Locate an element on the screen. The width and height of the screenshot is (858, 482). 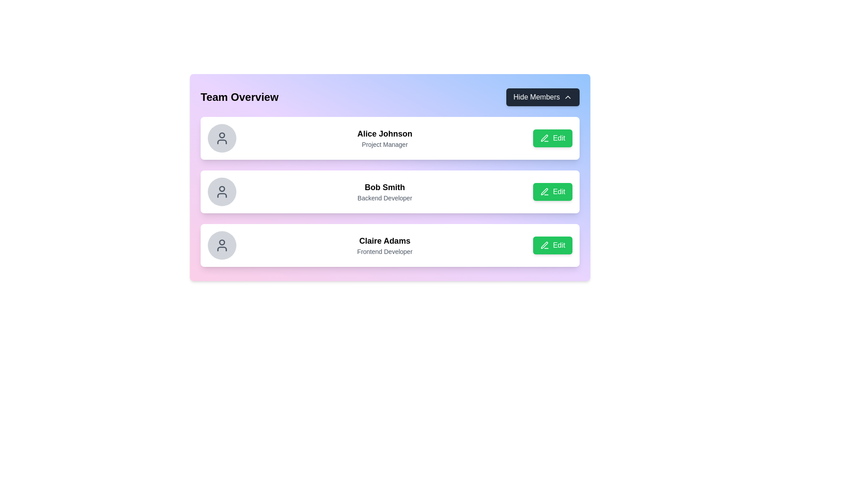
the pen icon in the second 'Edit' button on the user card for 'Bob Smith - Backend Developer' to initiate editing is located at coordinates (544, 191).